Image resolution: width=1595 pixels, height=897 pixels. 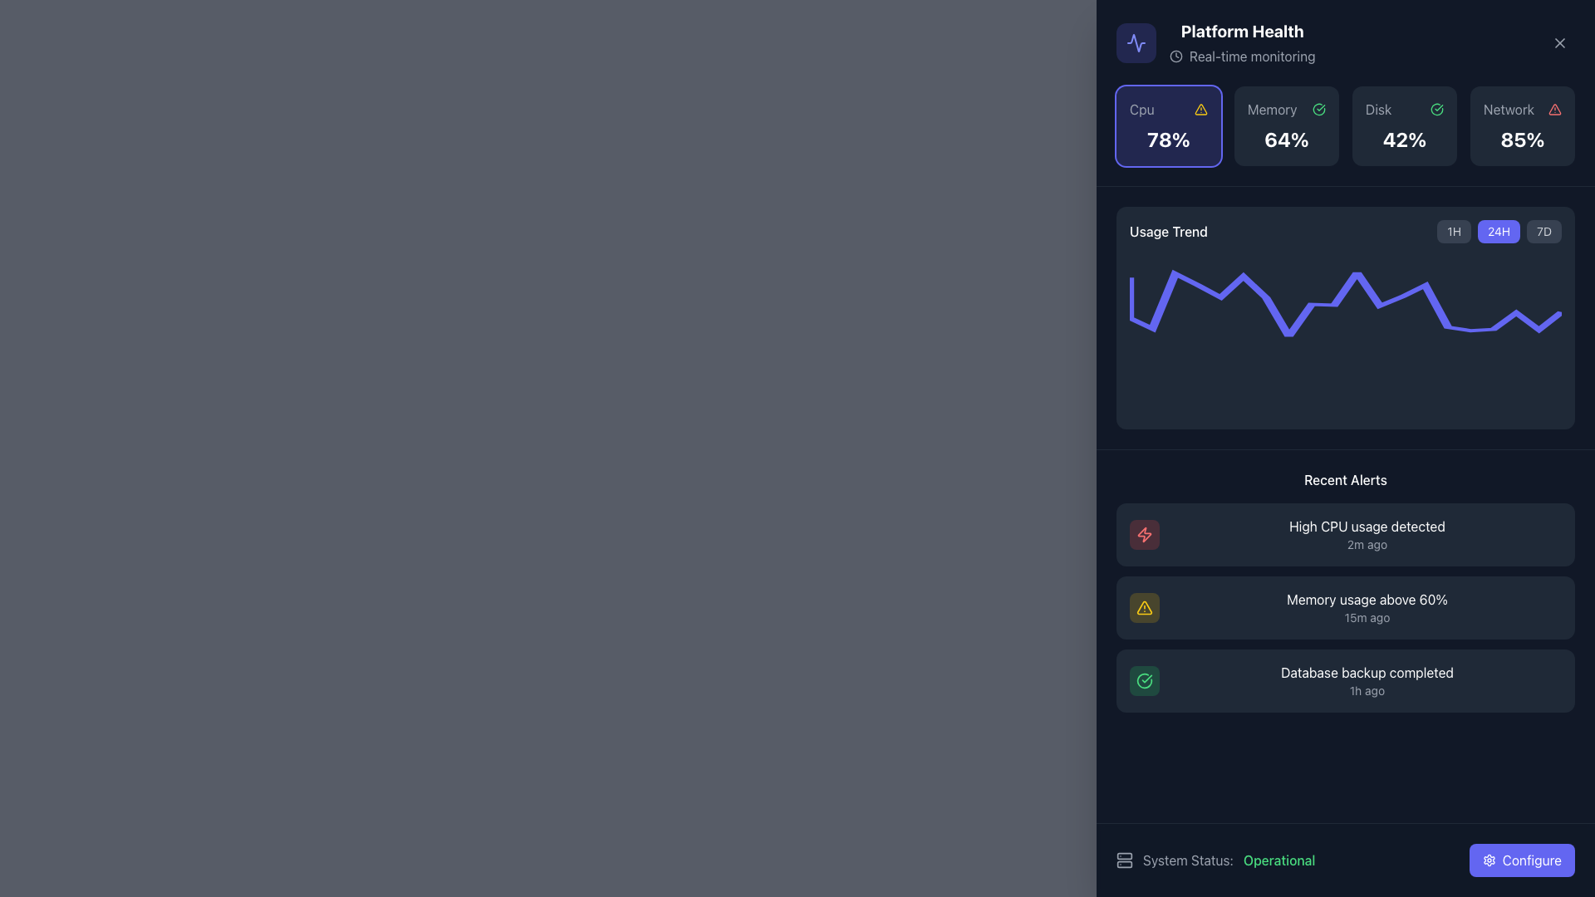 I want to click on the Static text label that indicates the current operational status of the system, which shows 'Operational' in green color, located at the bottom-right corner of the interface, so click(x=1278, y=860).